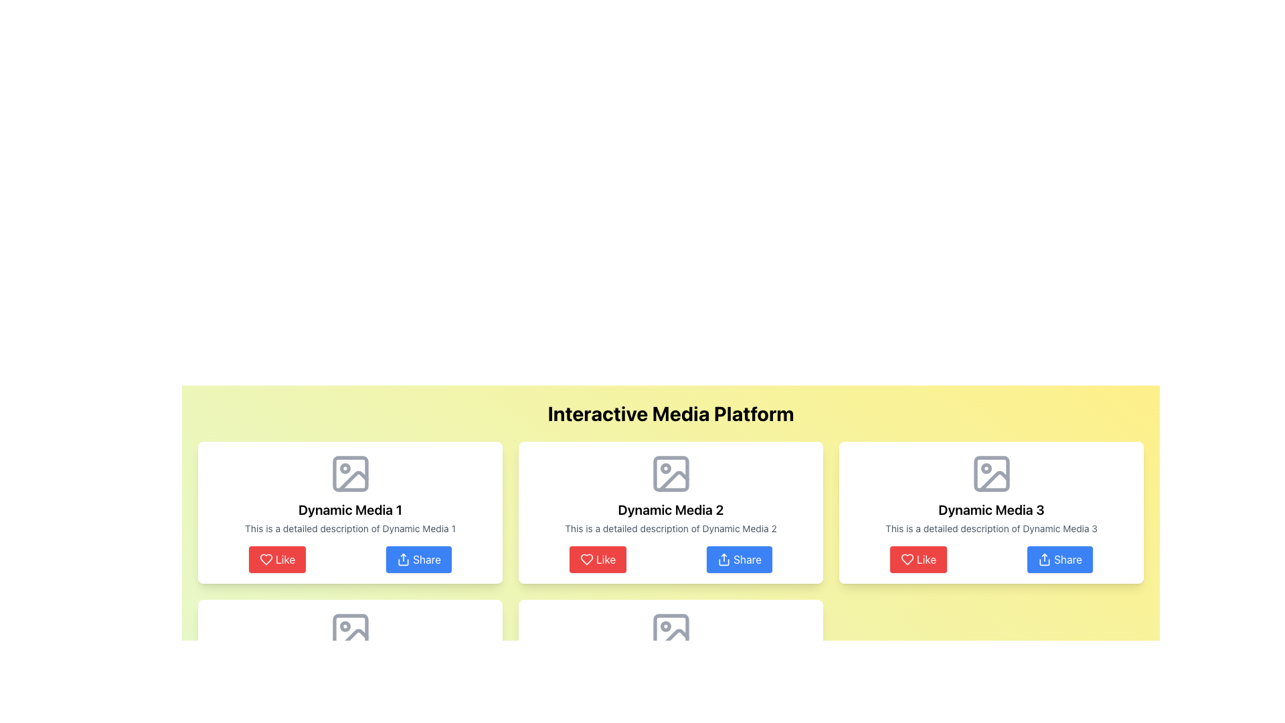 Image resolution: width=1285 pixels, height=723 pixels. What do you see at coordinates (276, 560) in the screenshot?
I see `the 'Like' button which has a red background, white text, and a heart icon, located in the action row of the first card in the grid` at bounding box center [276, 560].